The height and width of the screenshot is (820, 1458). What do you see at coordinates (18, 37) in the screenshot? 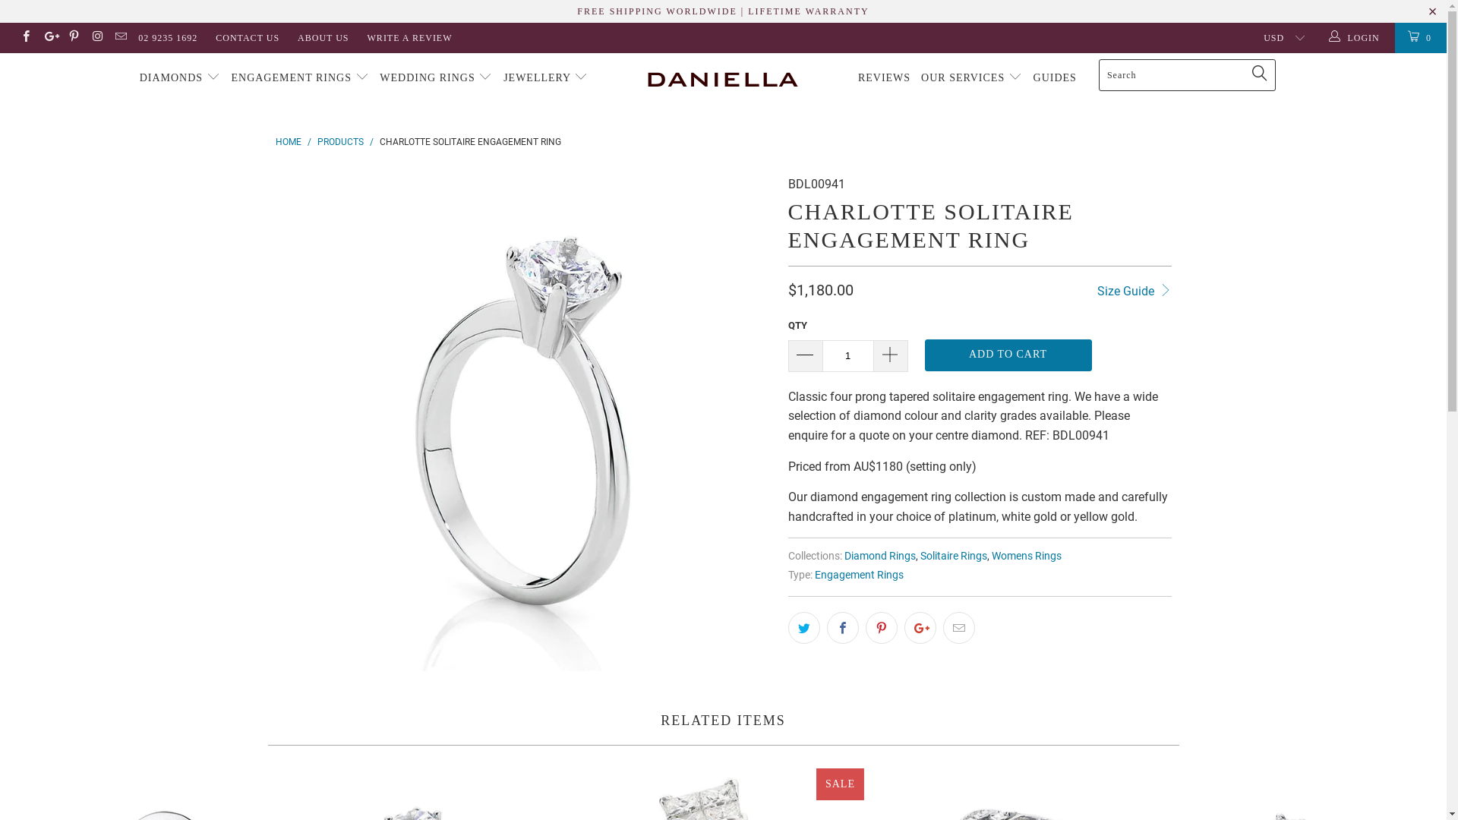
I see `'Daniella Jewellers on Facebook'` at bounding box center [18, 37].